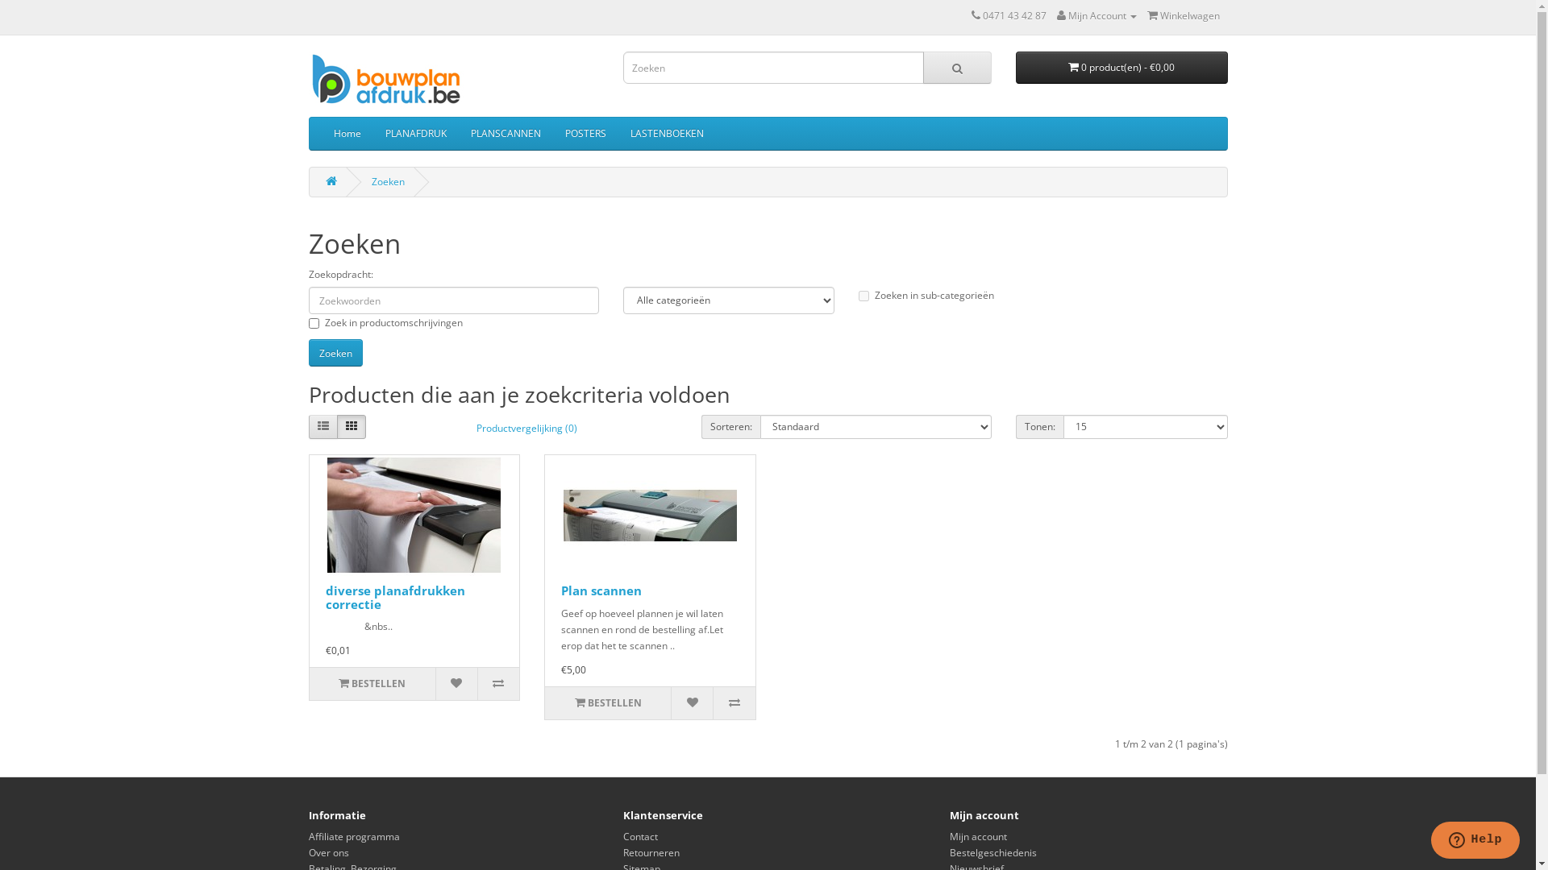 The width and height of the screenshot is (1548, 870). I want to click on 'Mijn account', so click(977, 835).